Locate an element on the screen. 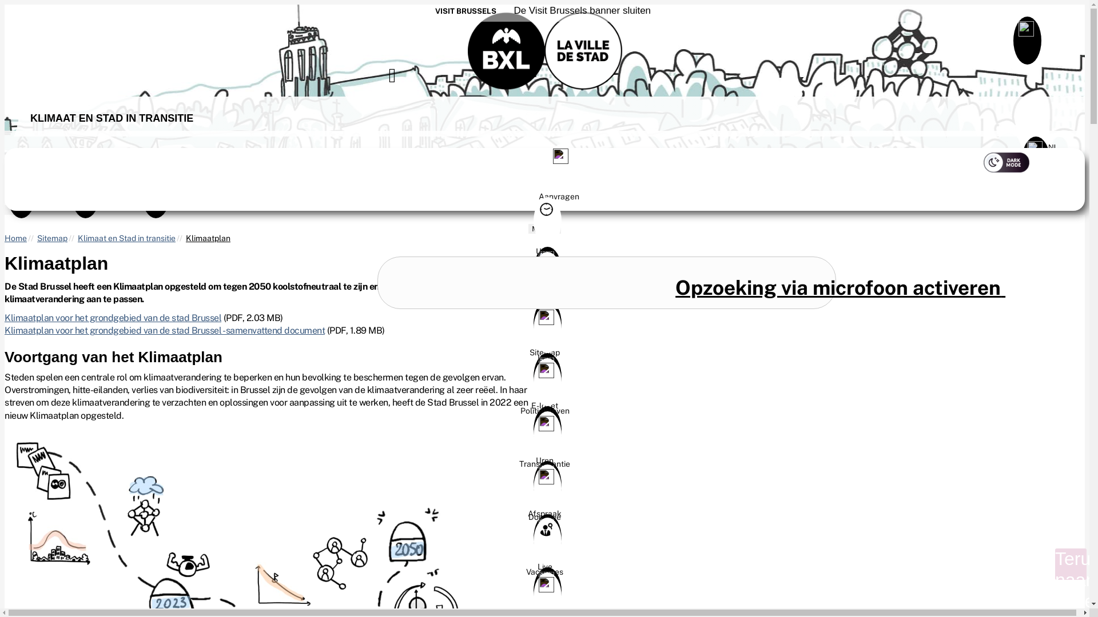 The height and width of the screenshot is (617, 1098). 'Vacatures' is located at coordinates (544, 567).